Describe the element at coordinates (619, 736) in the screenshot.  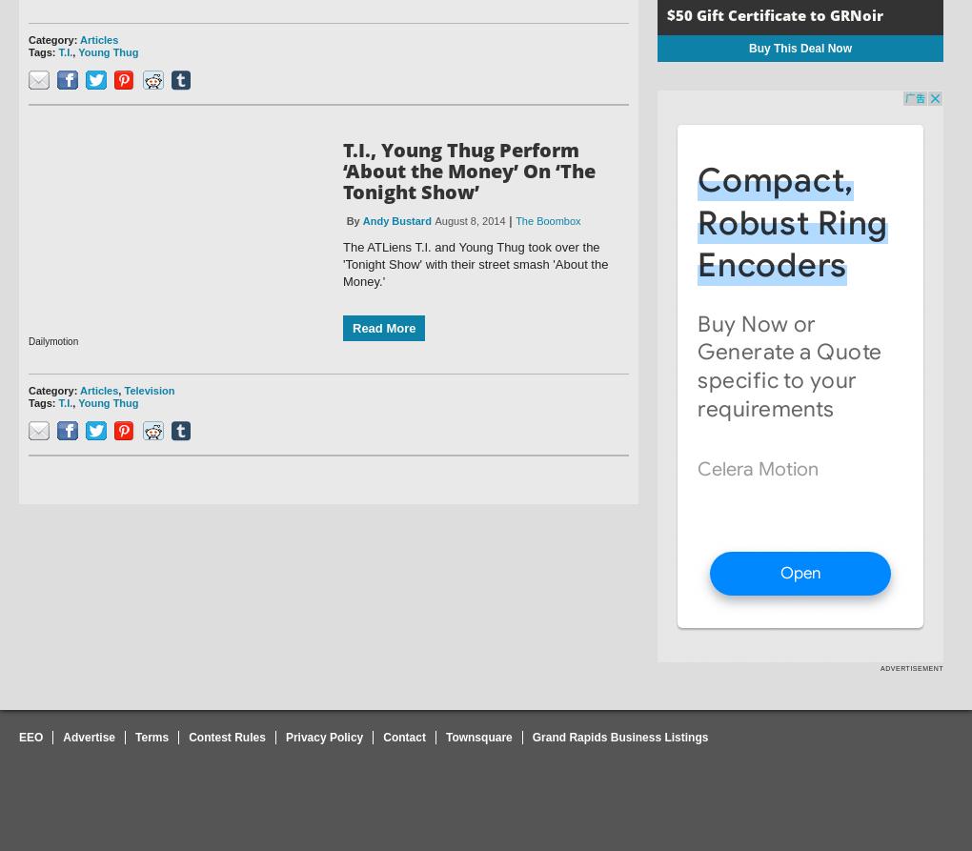
I see `'Grand Rapids Business Listings'` at that location.